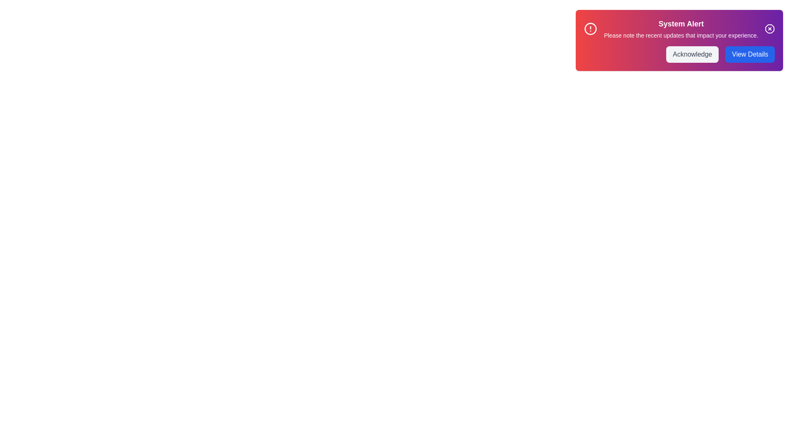 The height and width of the screenshot is (446, 793). I want to click on the 'View Details' button to view more information, so click(750, 54).